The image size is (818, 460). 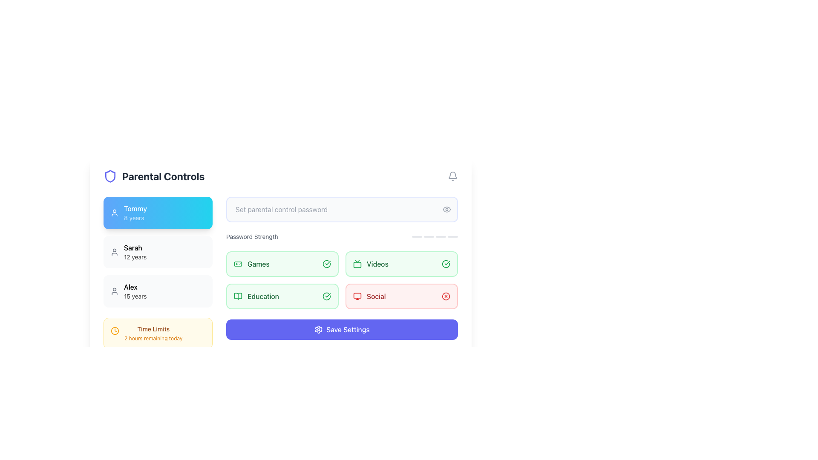 What do you see at coordinates (326, 296) in the screenshot?
I see `the circular checkmark icon with a green stroke that indicates a successful state, located next to the 'Education' label` at bounding box center [326, 296].